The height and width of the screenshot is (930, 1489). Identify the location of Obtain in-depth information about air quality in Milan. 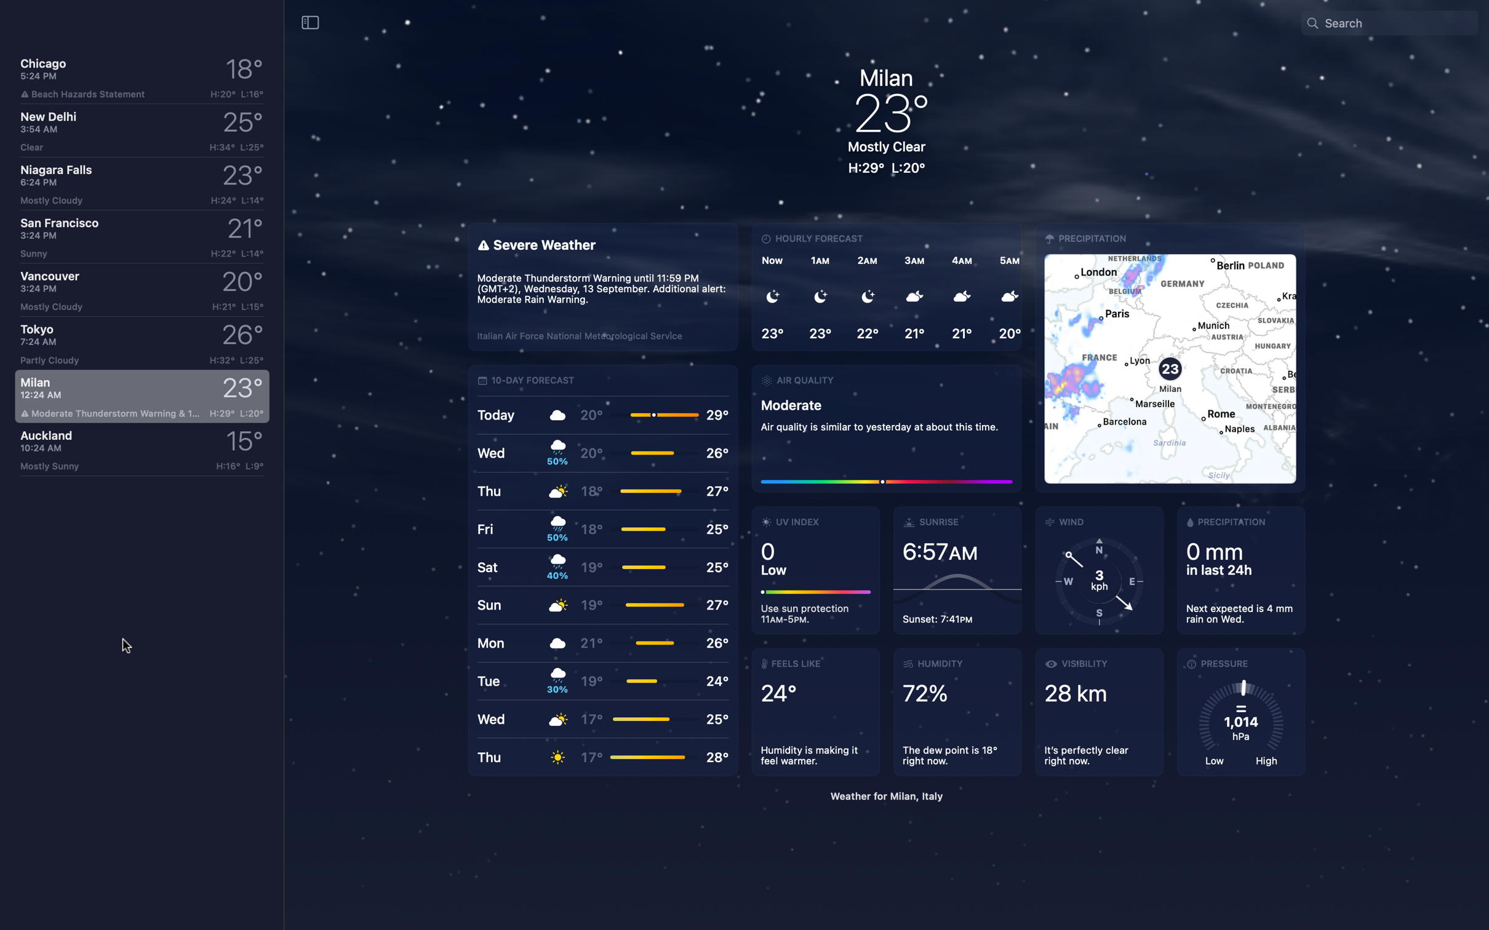
(886, 426).